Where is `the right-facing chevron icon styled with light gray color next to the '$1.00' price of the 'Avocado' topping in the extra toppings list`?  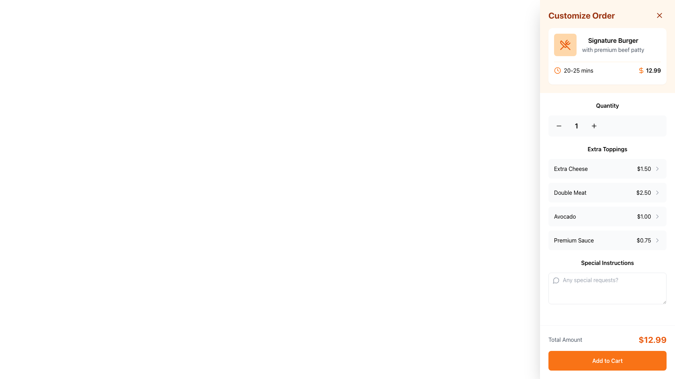 the right-facing chevron icon styled with light gray color next to the '$1.00' price of the 'Avocado' topping in the extra toppings list is located at coordinates (657, 216).